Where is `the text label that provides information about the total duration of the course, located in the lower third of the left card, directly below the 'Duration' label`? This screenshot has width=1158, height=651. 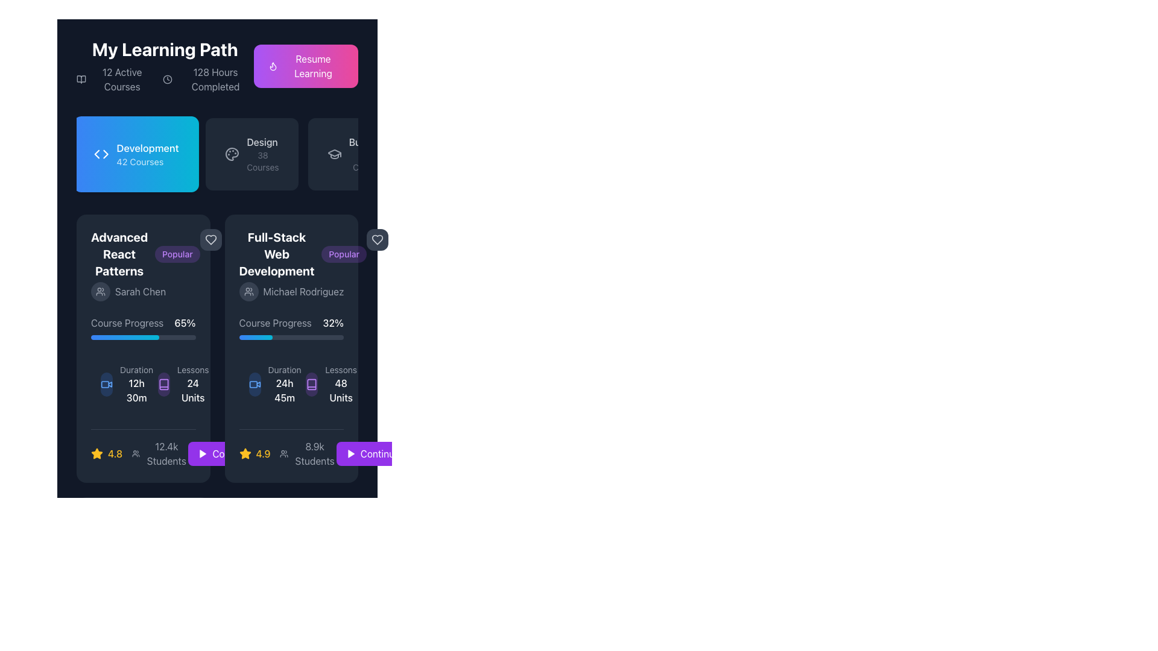
the text label that provides information about the total duration of the course, located in the lower third of the left card, directly below the 'Duration' label is located at coordinates (136, 391).